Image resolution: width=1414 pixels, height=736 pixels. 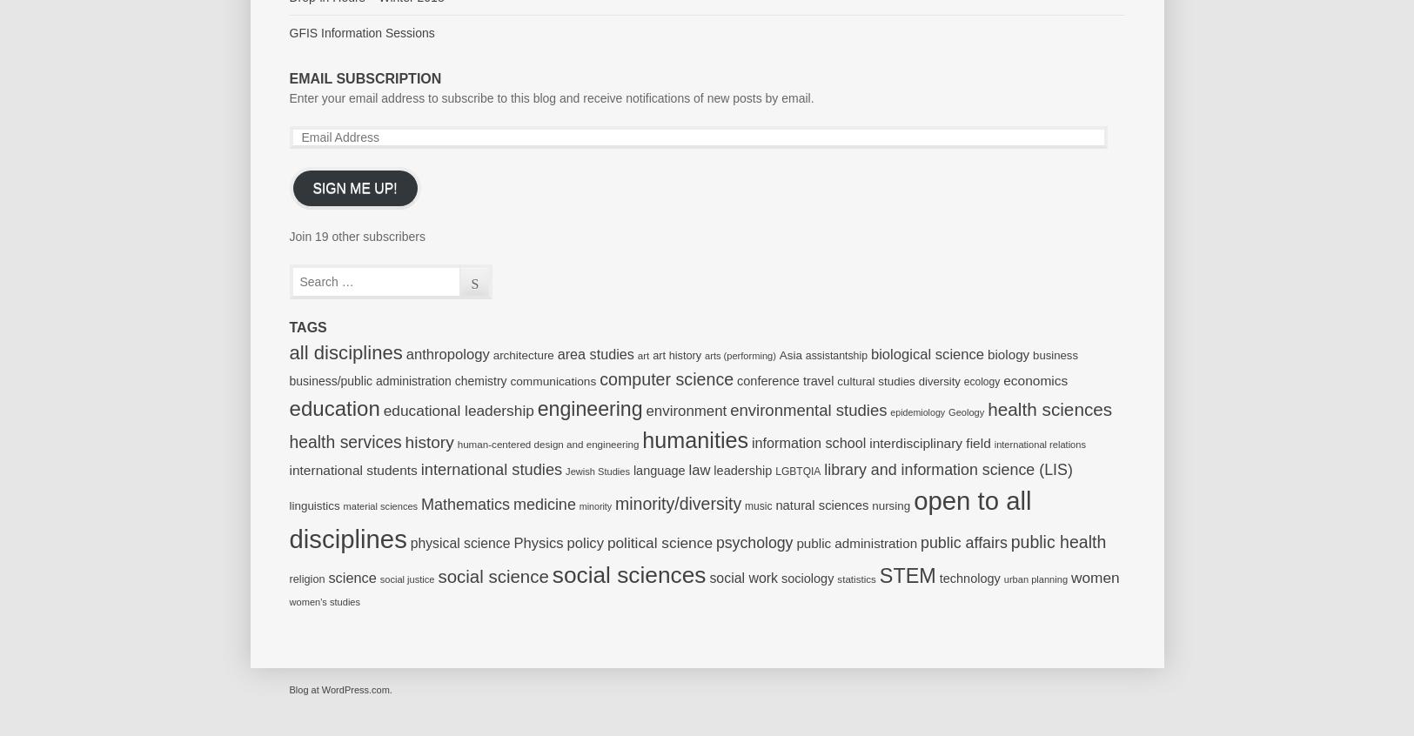 What do you see at coordinates (457, 408) in the screenshot?
I see `'educational leadership'` at bounding box center [457, 408].